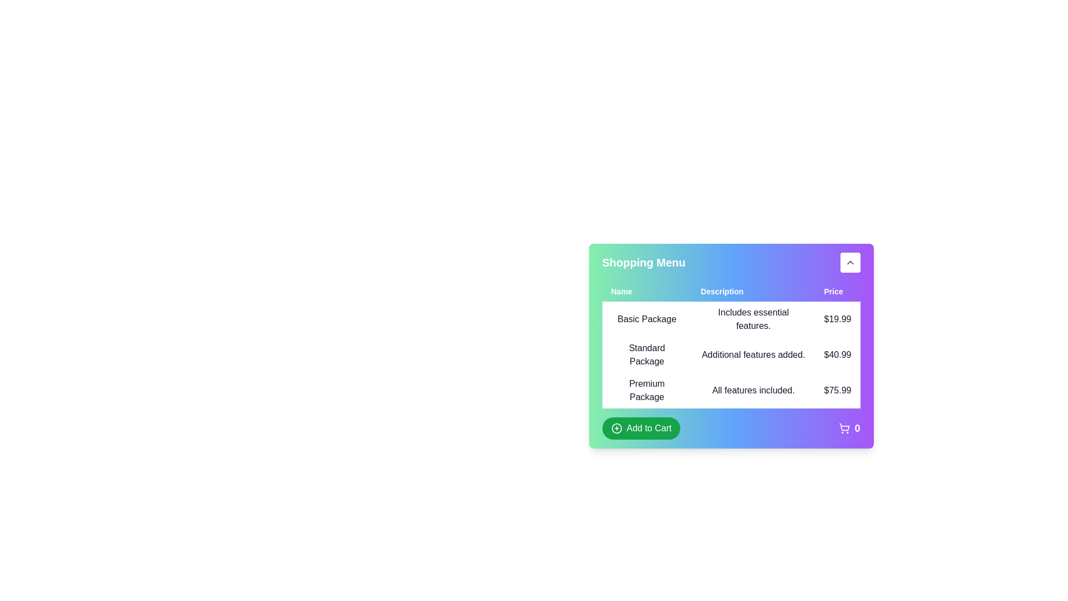 Image resolution: width=1068 pixels, height=601 pixels. What do you see at coordinates (857, 428) in the screenshot?
I see `the text element indicating the count of items in the shopping menu, located at the bottom right corner of the shopping interface` at bounding box center [857, 428].